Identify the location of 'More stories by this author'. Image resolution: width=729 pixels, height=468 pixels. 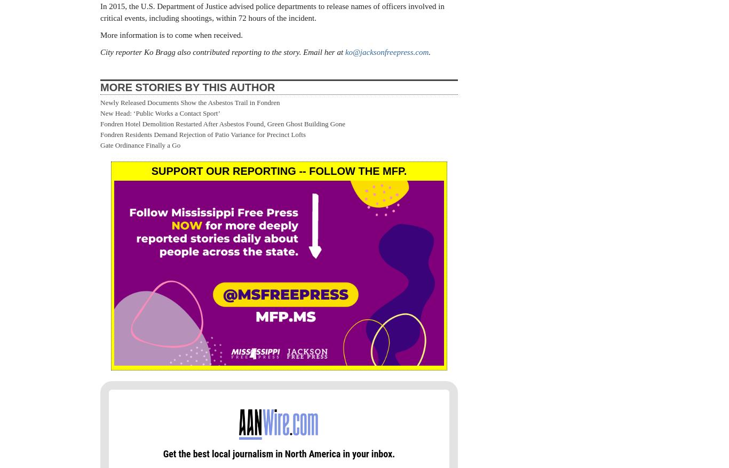
(99, 86).